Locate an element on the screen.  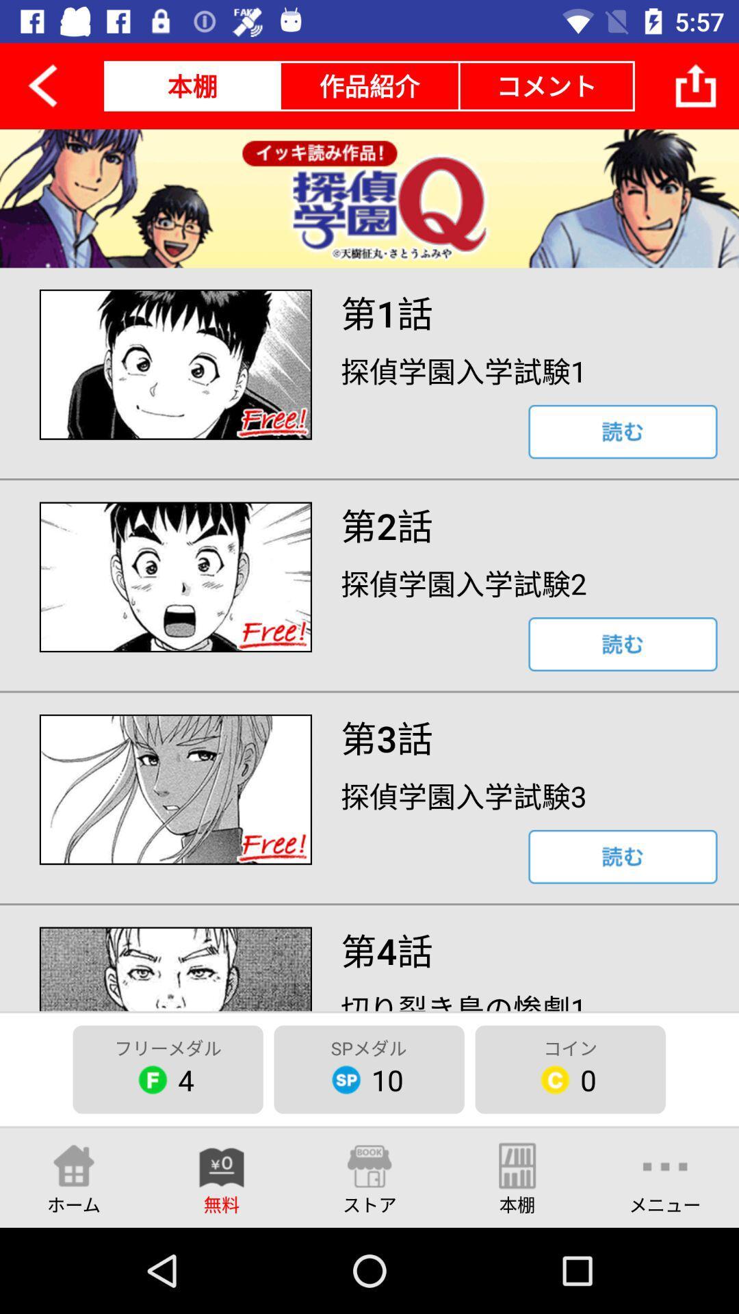
the arrow_backward icon is located at coordinates (42, 85).